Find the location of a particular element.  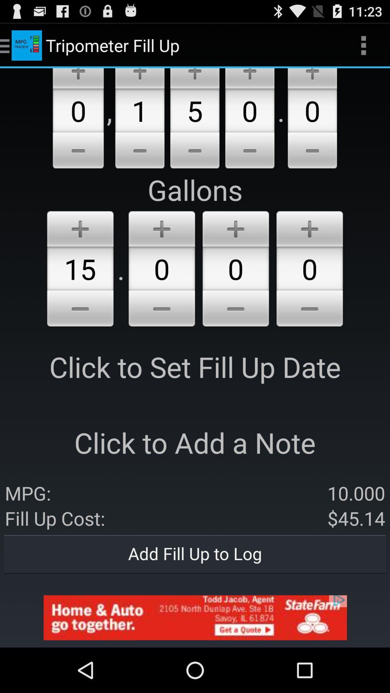

increase volume option is located at coordinates (80, 227).